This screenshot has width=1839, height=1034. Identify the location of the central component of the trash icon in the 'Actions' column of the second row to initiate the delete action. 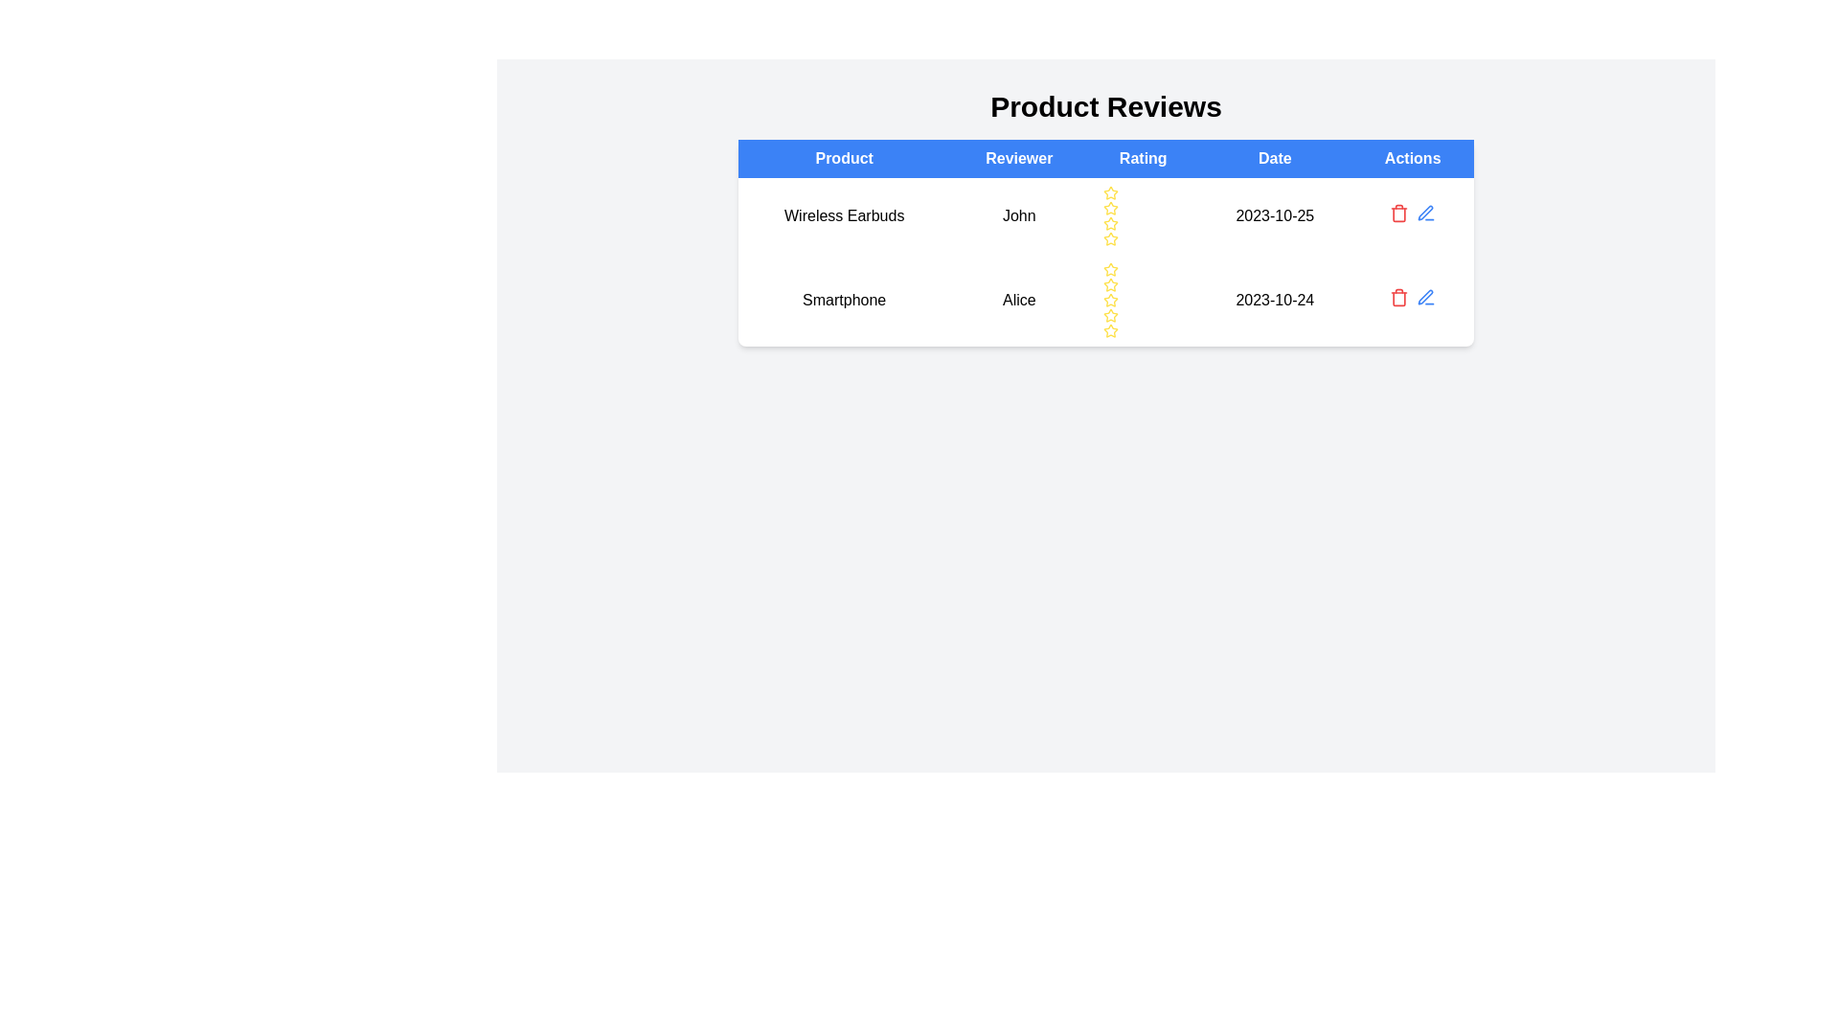
(1399, 299).